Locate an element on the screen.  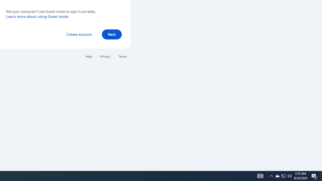
'Learn more about using Guest mode' is located at coordinates (37, 16).